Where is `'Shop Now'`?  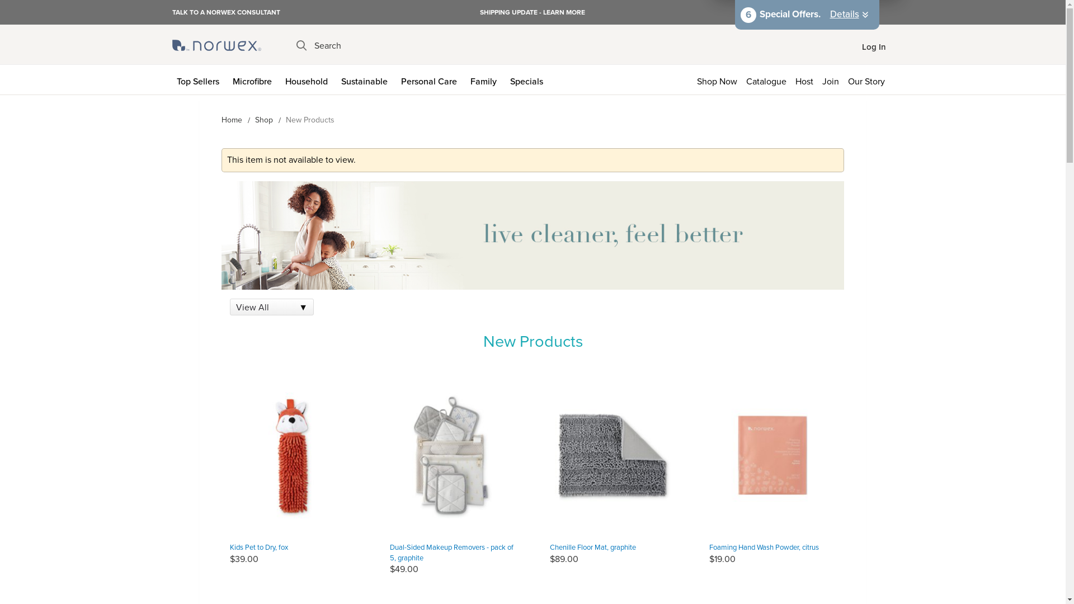
'Shop Now' is located at coordinates (692, 79).